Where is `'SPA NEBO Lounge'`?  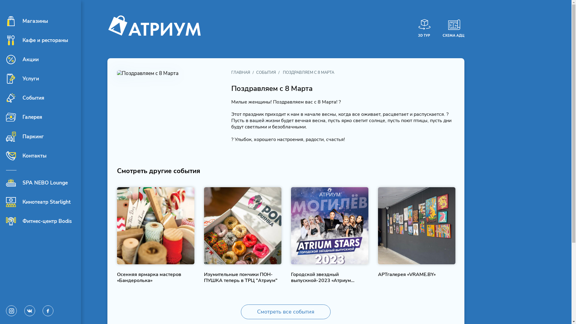 'SPA NEBO Lounge' is located at coordinates (37, 182).